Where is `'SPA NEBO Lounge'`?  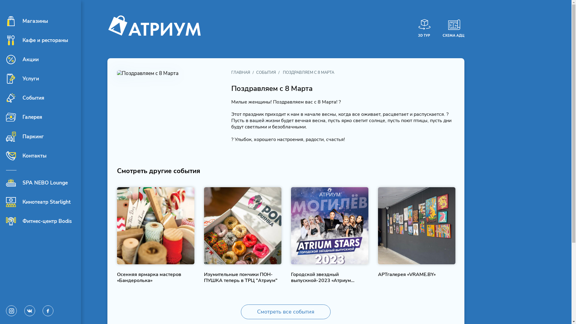 'SPA NEBO Lounge' is located at coordinates (37, 182).